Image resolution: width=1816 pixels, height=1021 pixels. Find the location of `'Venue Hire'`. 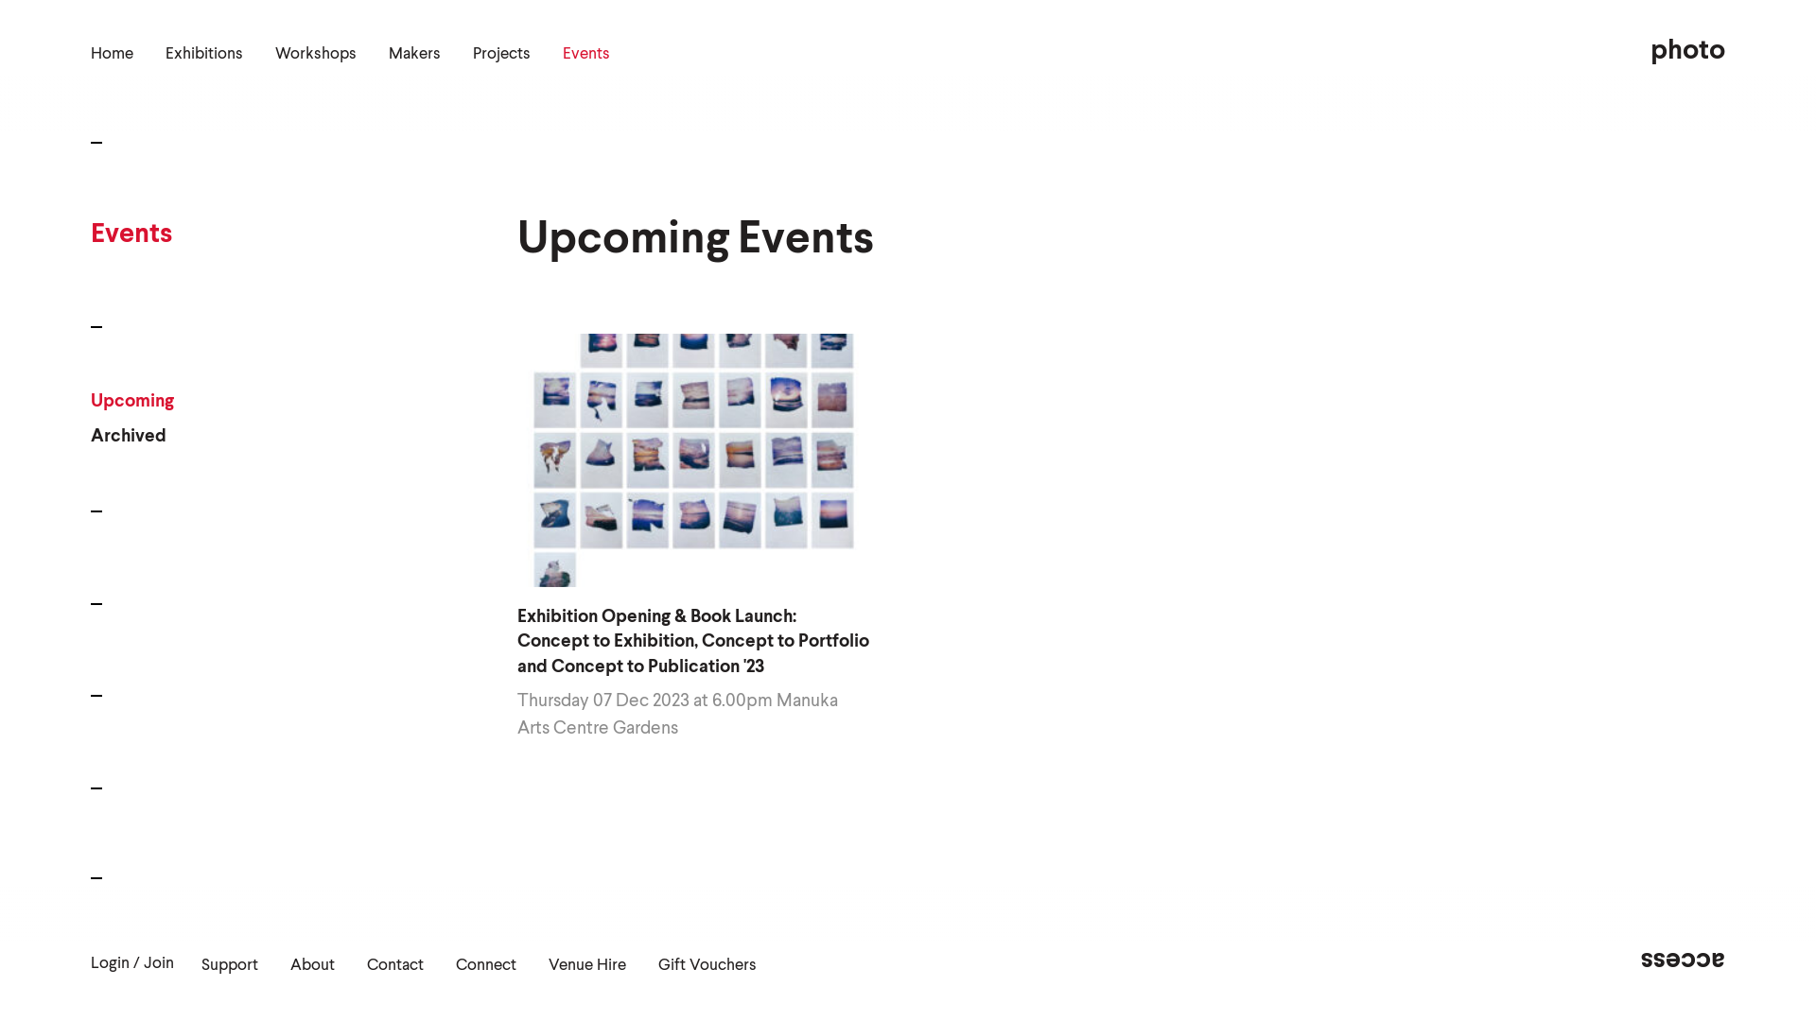

'Venue Hire' is located at coordinates (585, 965).